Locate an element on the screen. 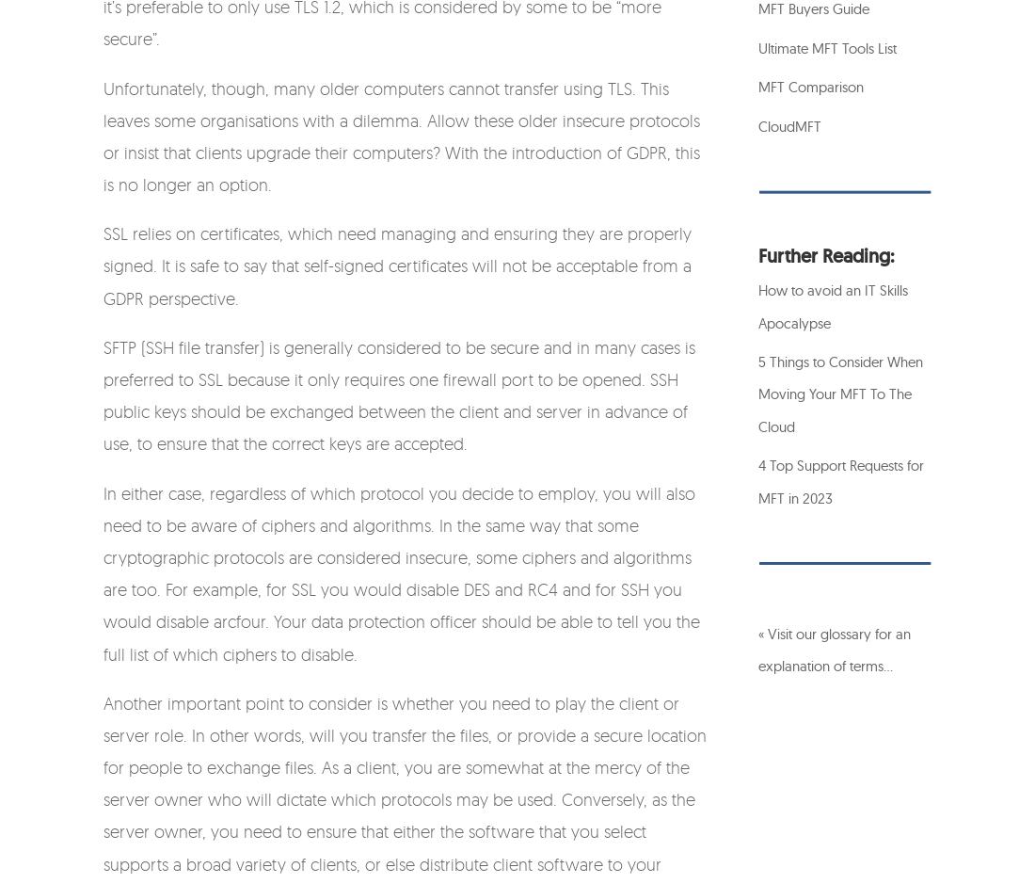 This screenshot has height=884, width=1035. 'SFTP (SSH file transfer) is generally considered to be secure and in many cases is preferred to SSL because it only requires one firewall port to be opened. SSH public keys should be exchanged between the client and server in advance of use, to ensure that the correct keys are accepted.' is located at coordinates (398, 394).